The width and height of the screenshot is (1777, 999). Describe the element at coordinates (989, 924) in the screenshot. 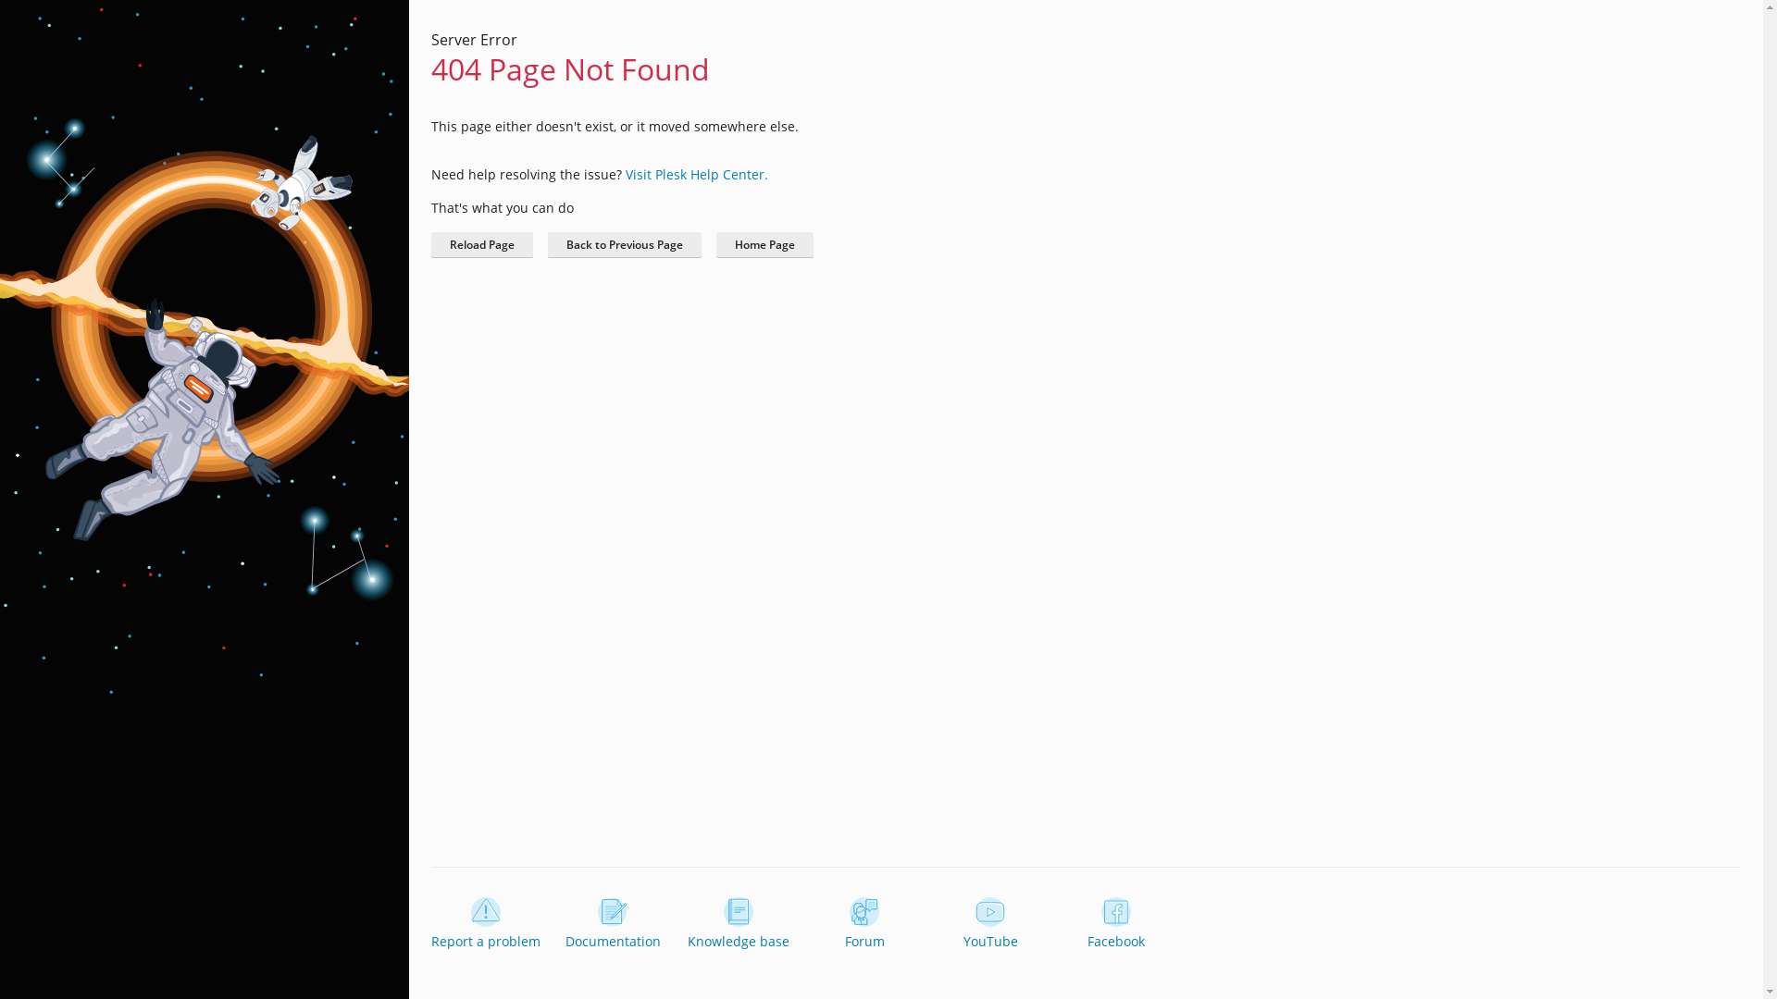

I see `'YouTube'` at that location.